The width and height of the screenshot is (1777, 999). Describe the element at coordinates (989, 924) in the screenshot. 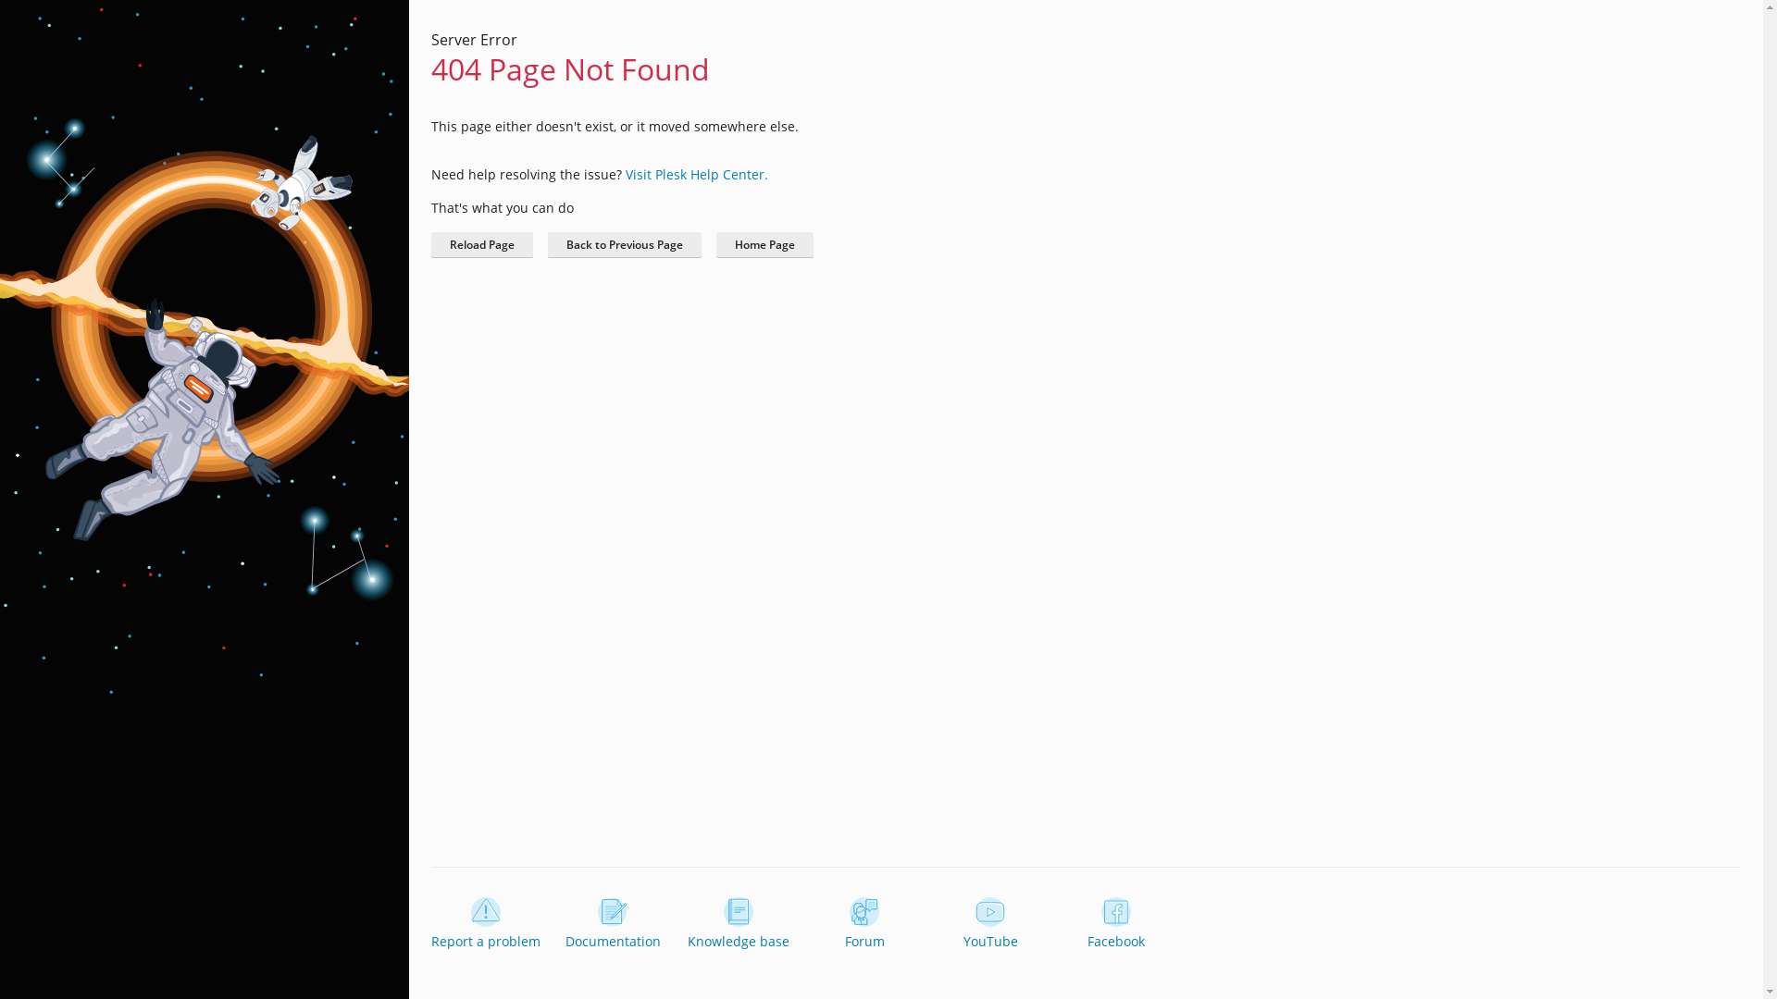

I see `'YouTube'` at that location.